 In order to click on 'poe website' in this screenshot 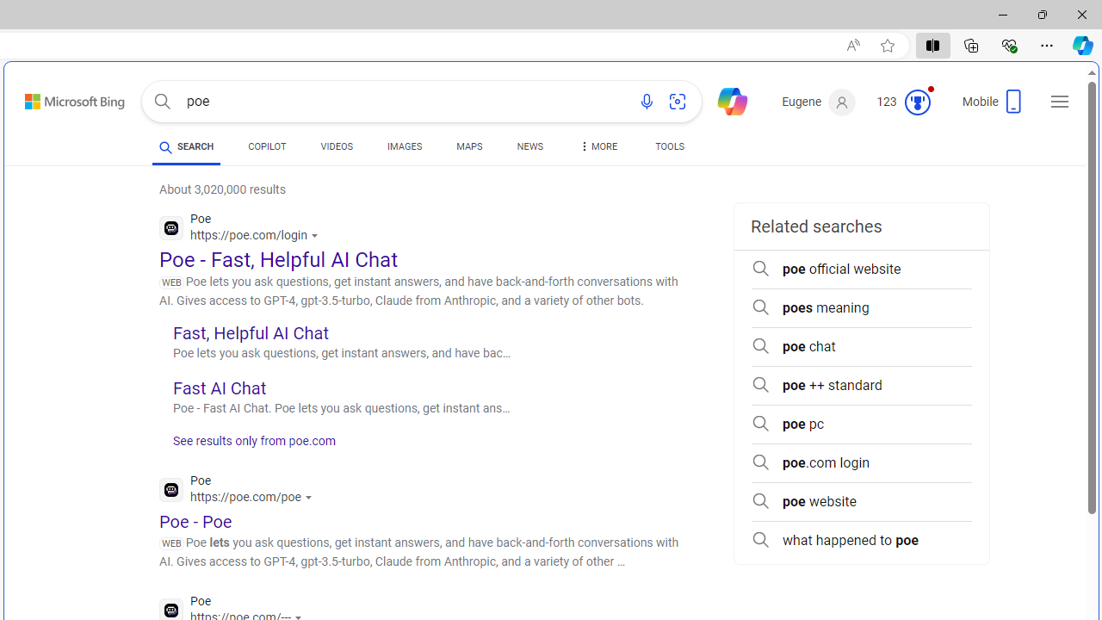, I will do `click(861, 501)`.